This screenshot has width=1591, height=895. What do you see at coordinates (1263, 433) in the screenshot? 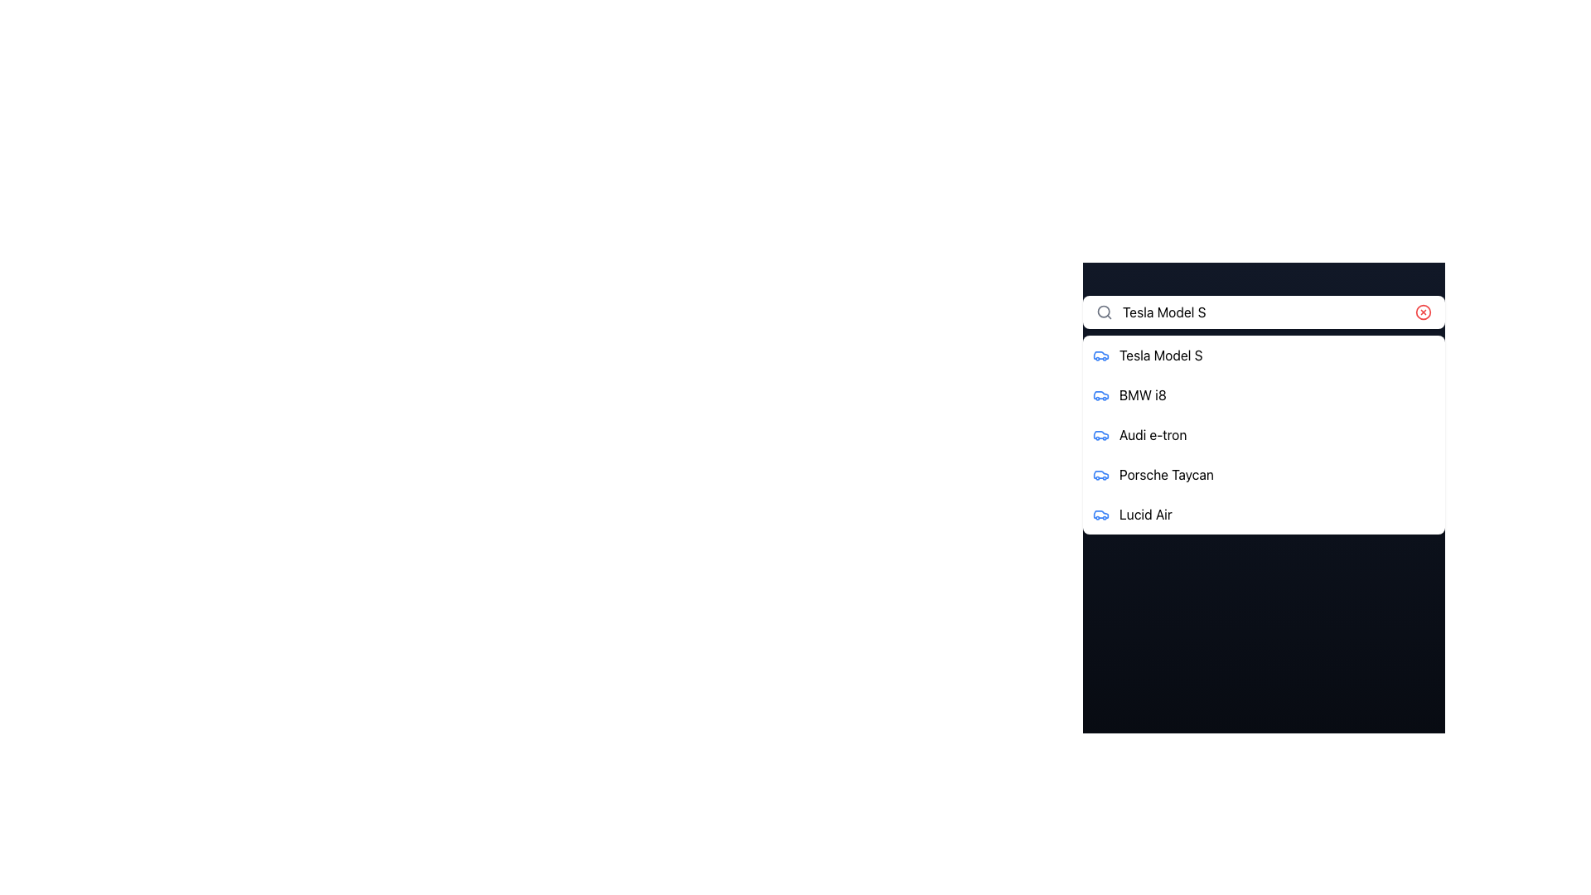
I see `the third item in the dropdown list, which is located between 'BMW i8' and 'Porsche Taycan'` at bounding box center [1263, 433].